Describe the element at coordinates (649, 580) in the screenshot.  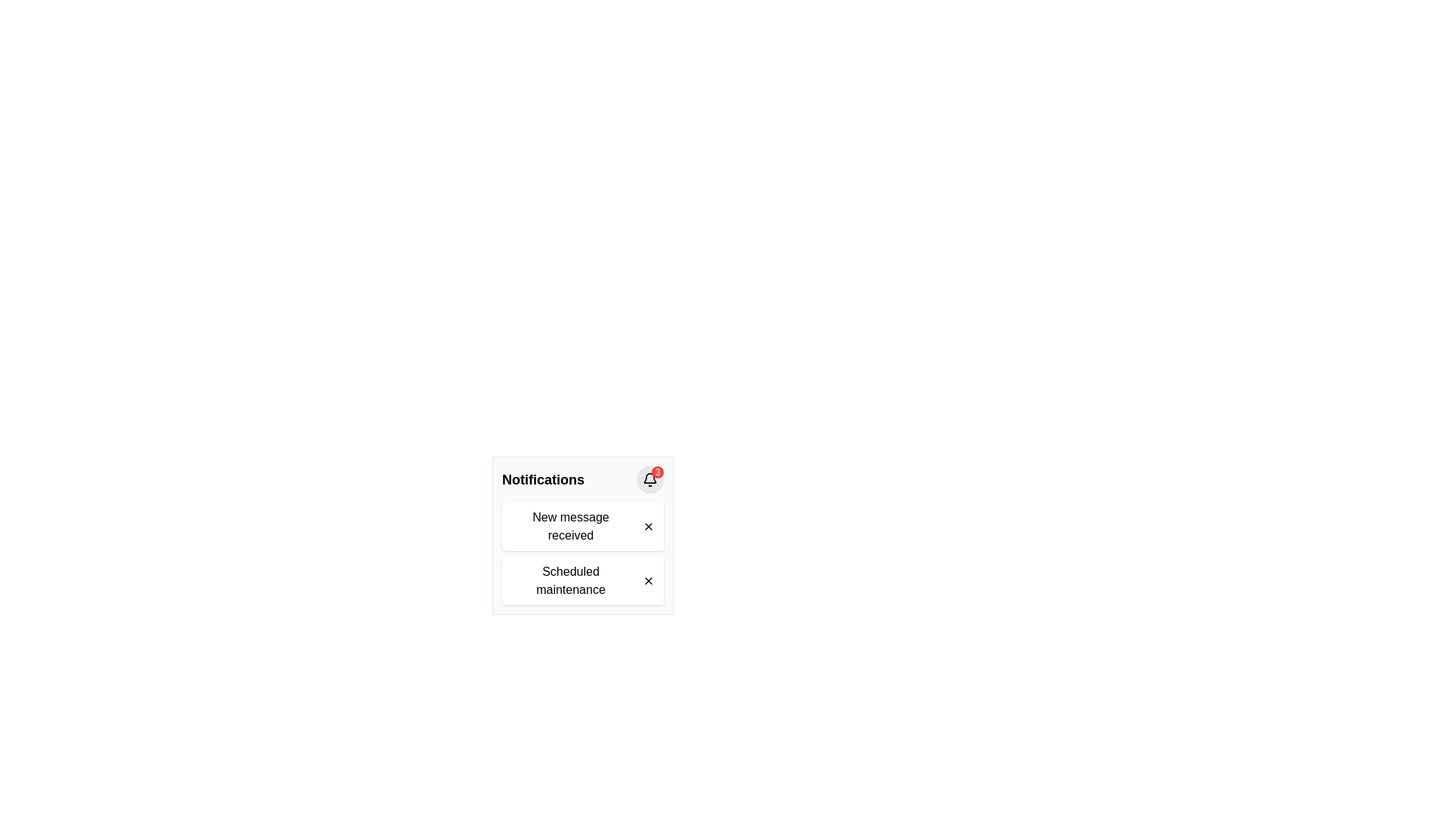
I see `the 'X' button located to the far right of the 'Scheduled maintenance' text` at that location.